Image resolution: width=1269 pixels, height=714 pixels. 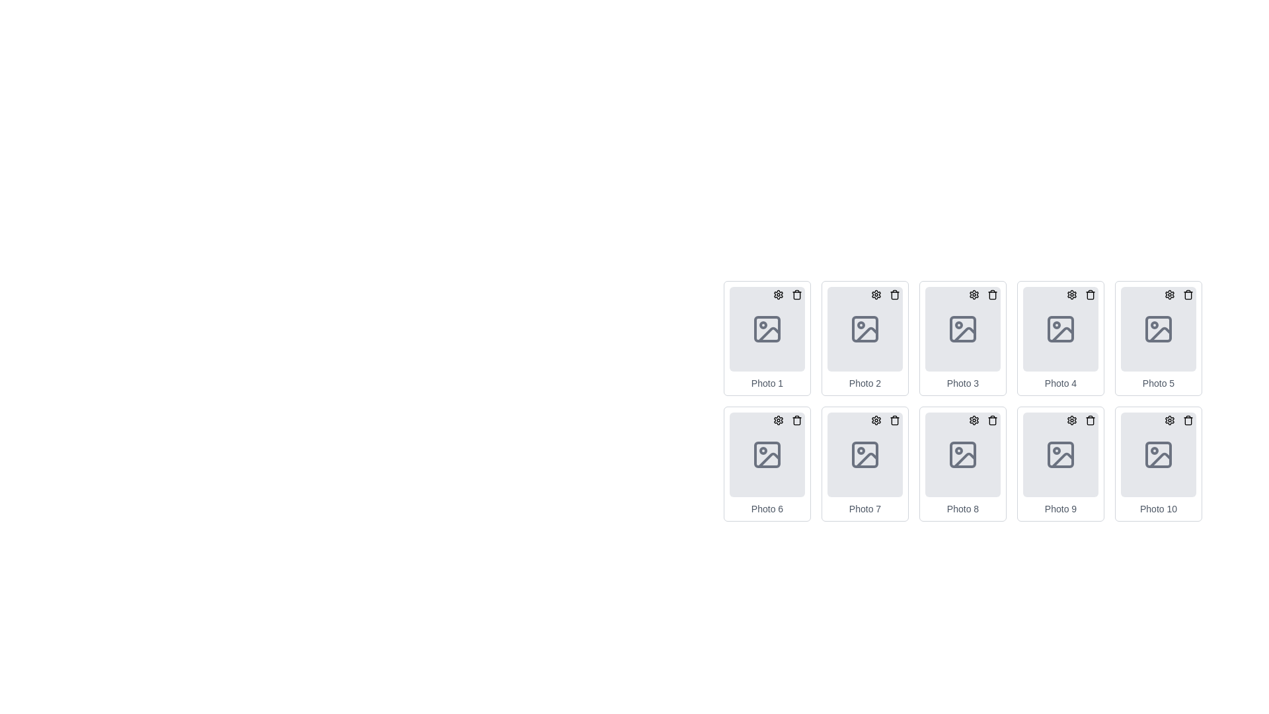 What do you see at coordinates (964, 459) in the screenshot?
I see `the decorative icon located in the eighth photo frame of the second row in a 5-column grid` at bounding box center [964, 459].